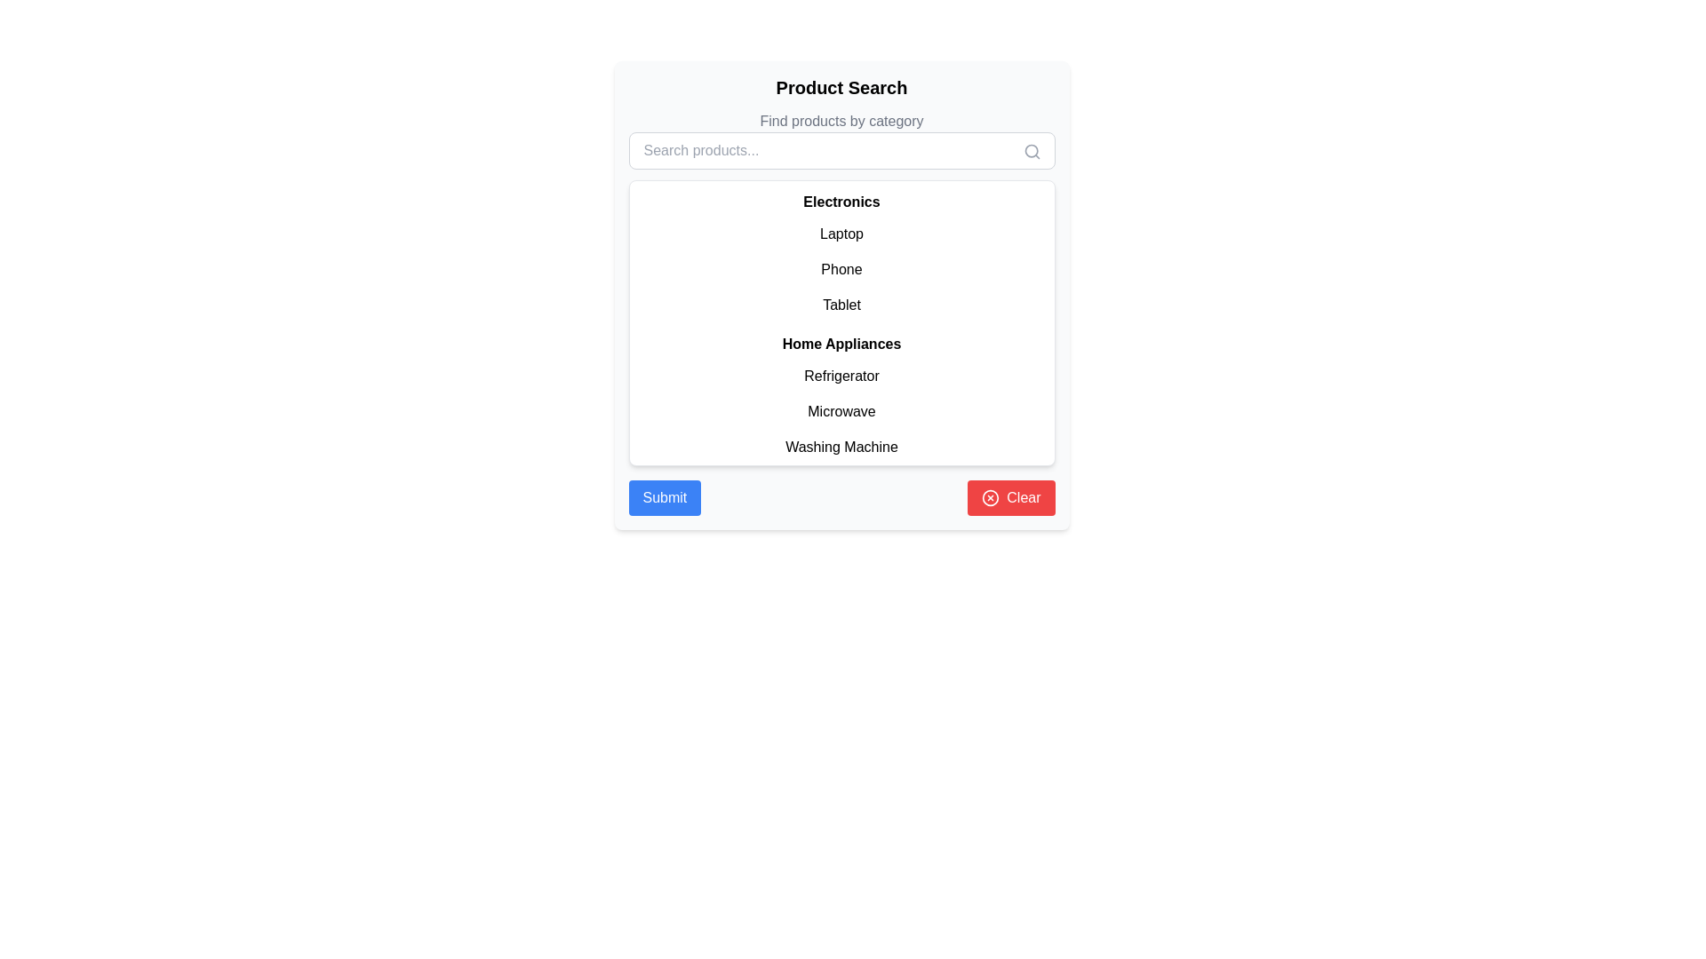  I want to click on the header text that introduces and categorizes the product searching functionality, located at the top-center part of the interface, so click(841, 88).